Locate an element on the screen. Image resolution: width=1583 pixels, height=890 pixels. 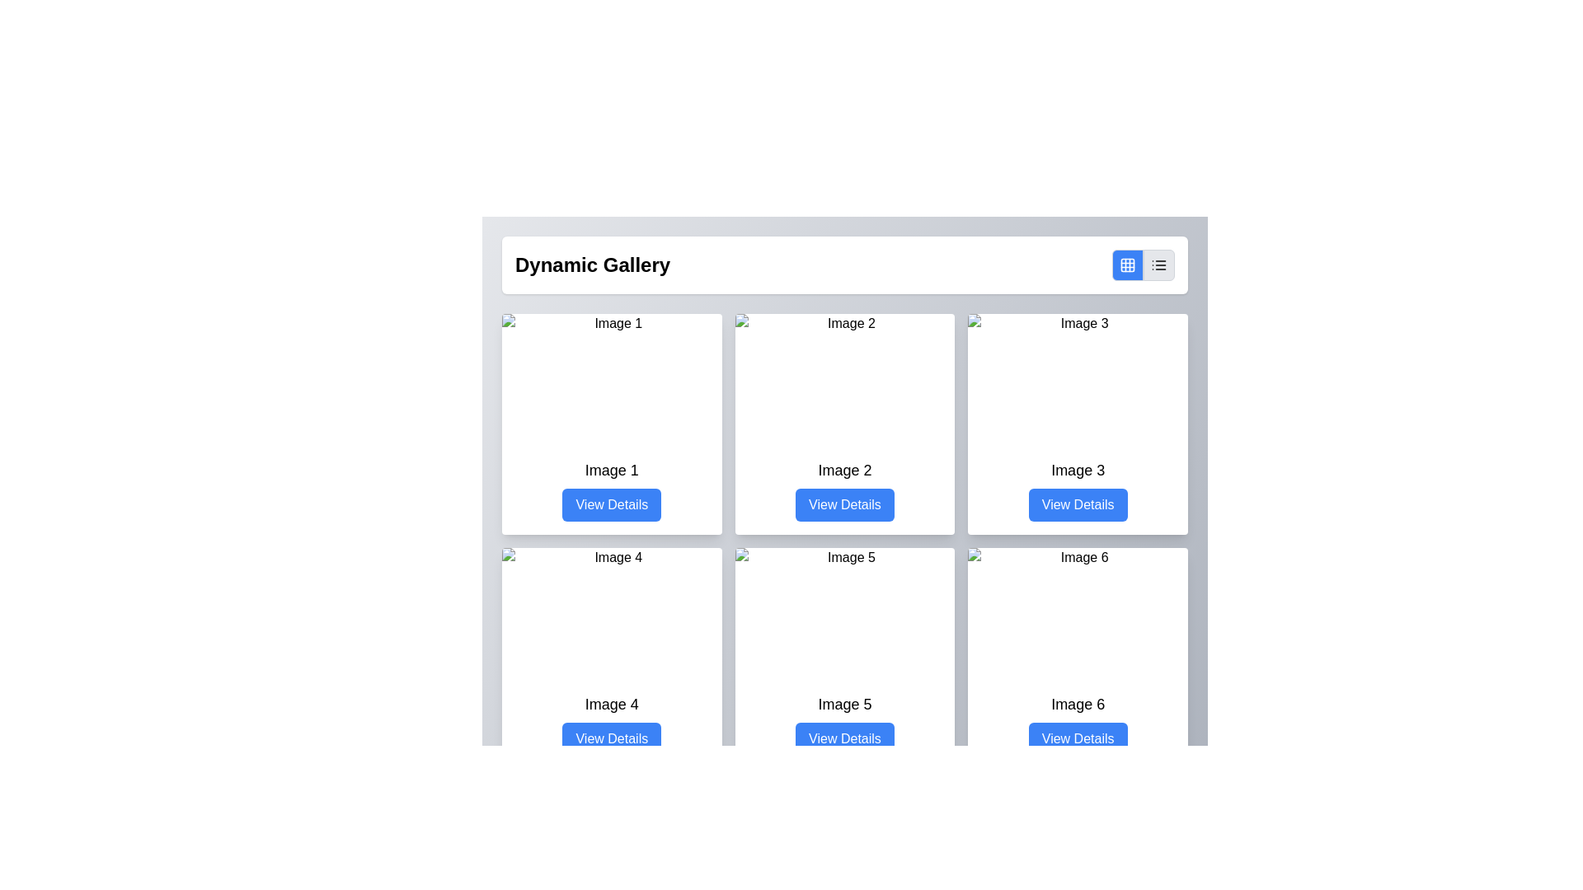
image in the Card component that contains an image labeled 'Image 2', a text label 'Image 2', and a blue button labeled 'View Details' is located at coordinates (844, 424).